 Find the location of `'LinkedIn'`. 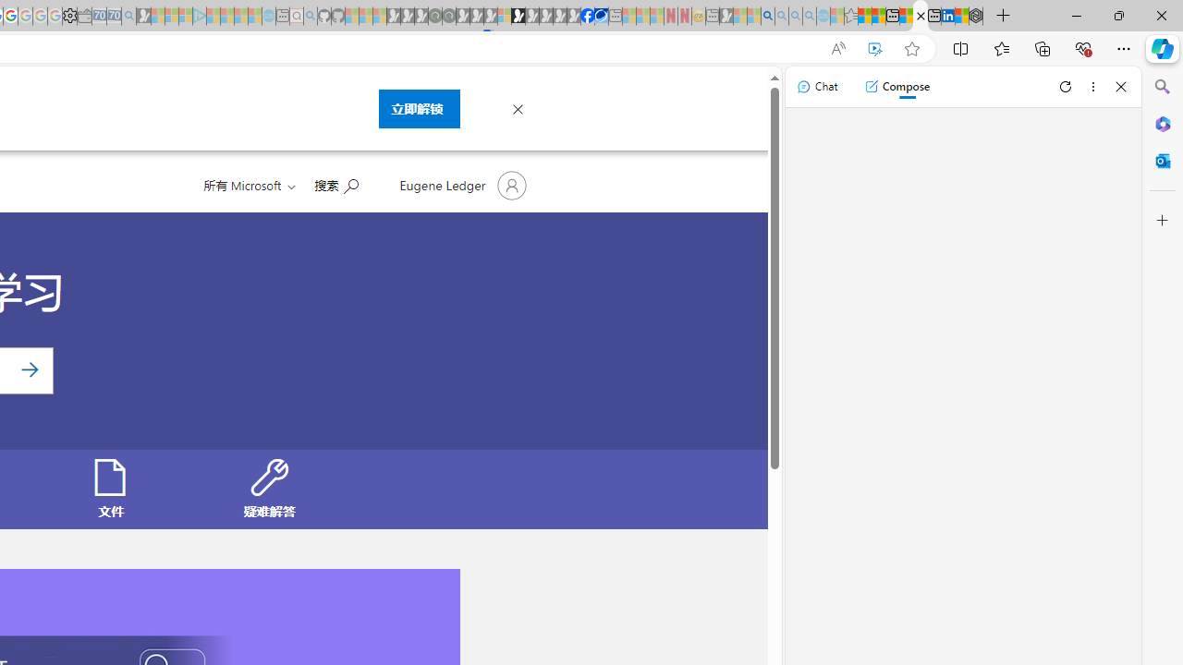

'LinkedIn' is located at coordinates (947, 16).